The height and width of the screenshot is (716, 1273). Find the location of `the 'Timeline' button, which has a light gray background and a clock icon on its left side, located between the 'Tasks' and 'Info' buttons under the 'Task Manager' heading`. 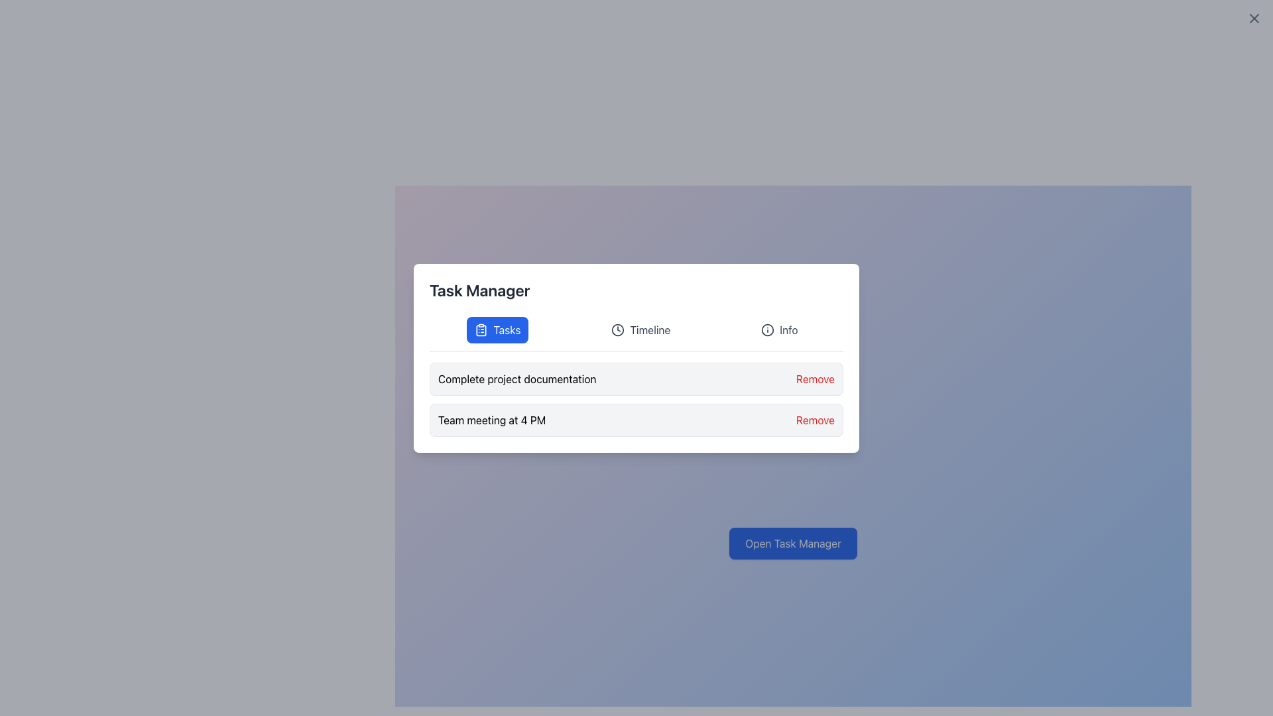

the 'Timeline' button, which has a light gray background and a clock icon on its left side, located between the 'Tasks' and 'Info' buttons under the 'Task Manager' heading is located at coordinates (640, 329).